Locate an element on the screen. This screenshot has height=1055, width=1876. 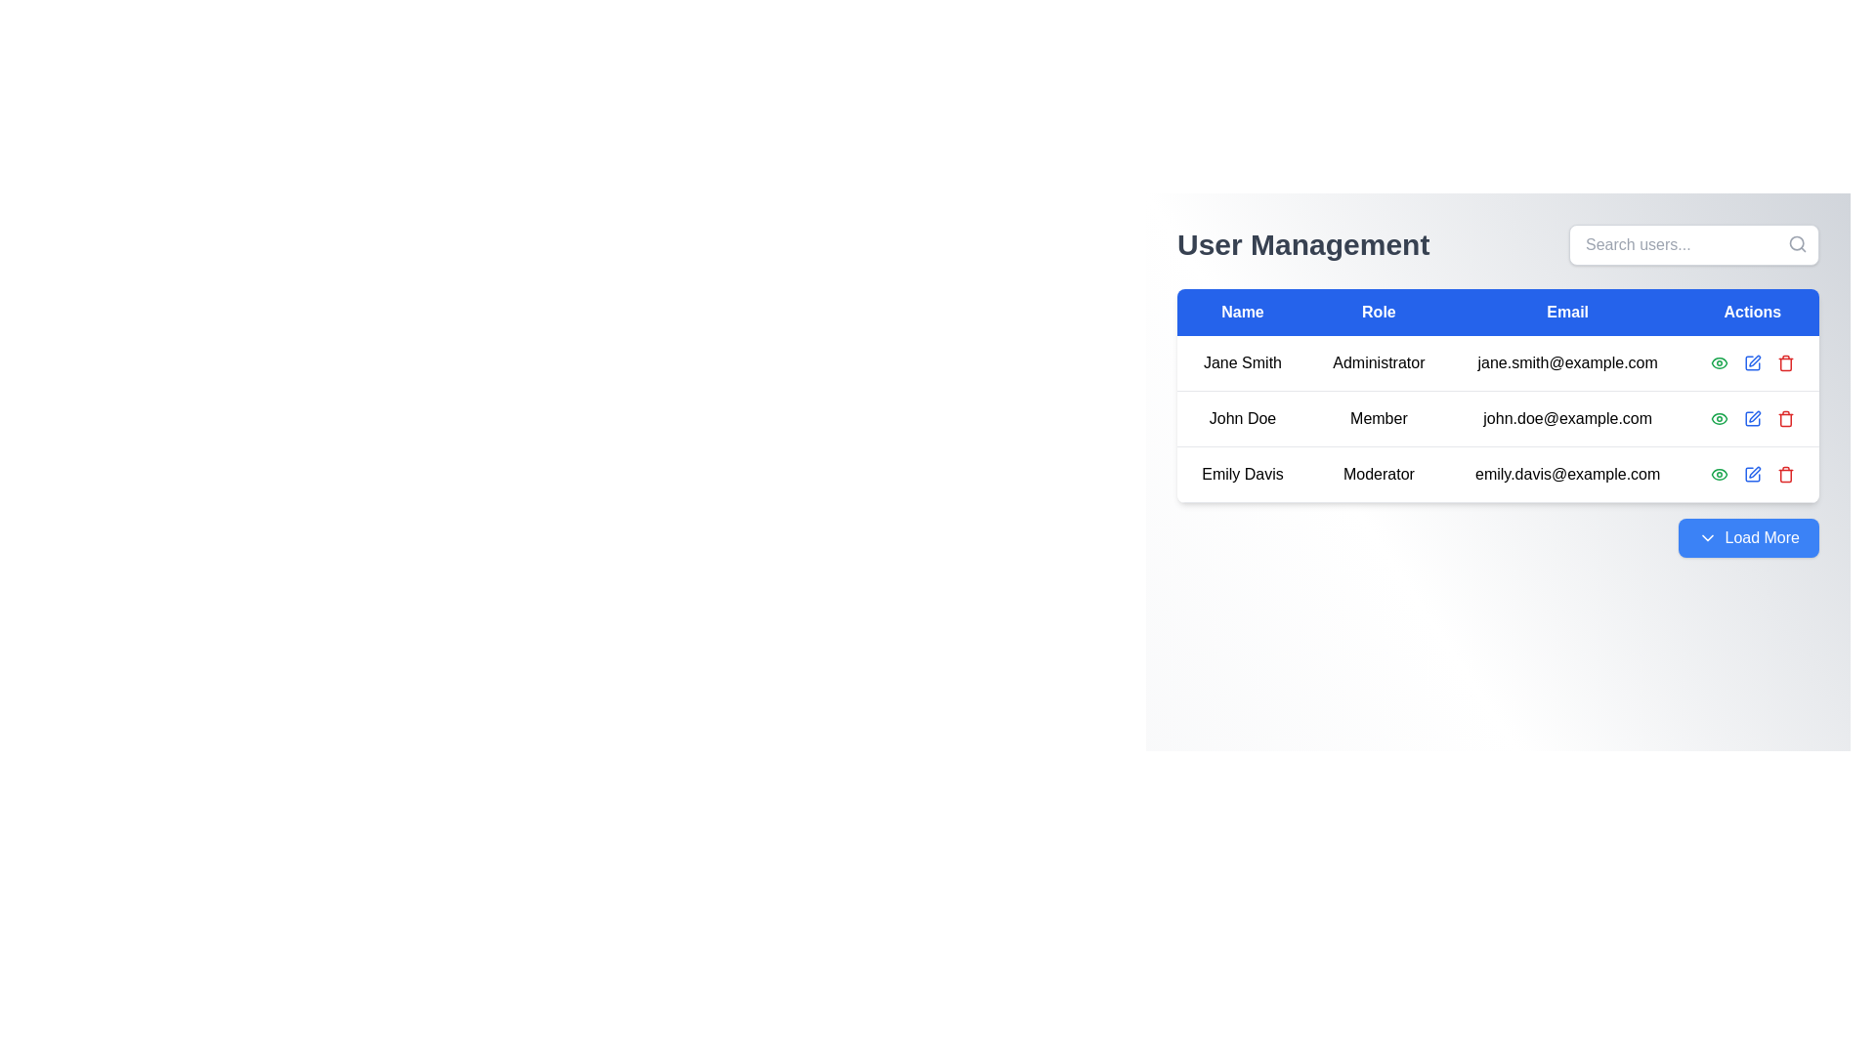
the table cell displaying 'Member' in the Role column for user 'John Doe' is located at coordinates (1378, 417).